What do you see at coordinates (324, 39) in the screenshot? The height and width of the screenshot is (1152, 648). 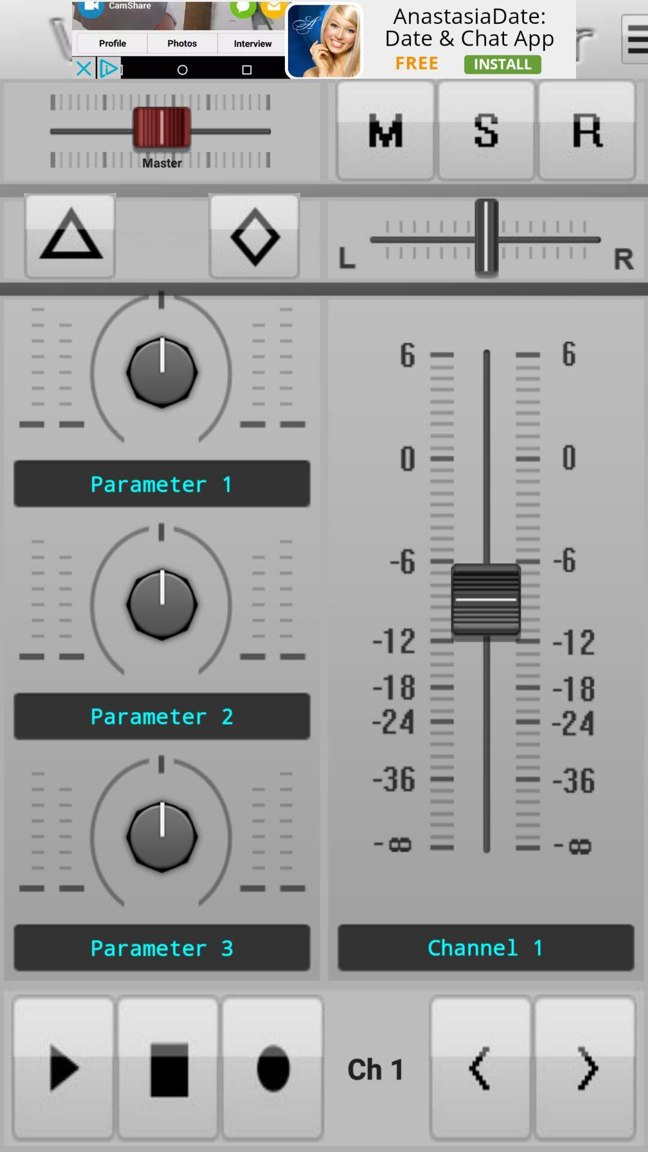 I see `open advertisements` at bounding box center [324, 39].